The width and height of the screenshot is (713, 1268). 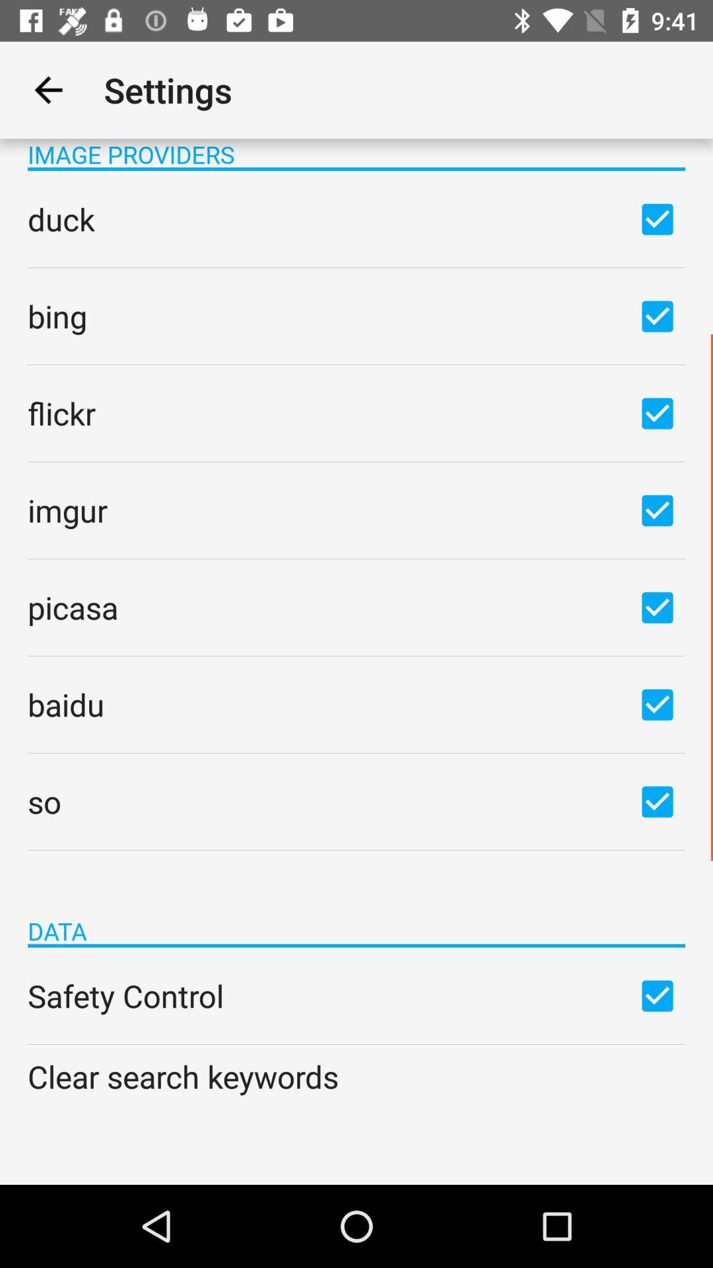 I want to click on box, so click(x=657, y=315).